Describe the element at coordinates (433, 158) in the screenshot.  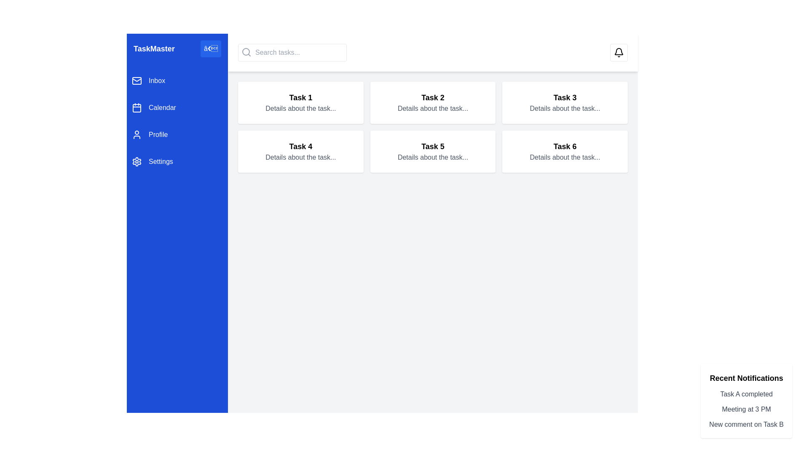
I see `the Text label providing details about 'Task 5', located below the 'Task 5' label in the second row, second column of the task card grid` at that location.